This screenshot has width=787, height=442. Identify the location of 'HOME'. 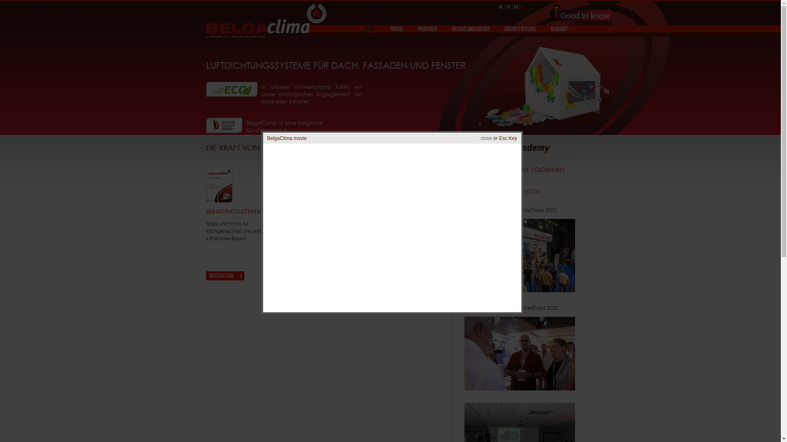
(369, 28).